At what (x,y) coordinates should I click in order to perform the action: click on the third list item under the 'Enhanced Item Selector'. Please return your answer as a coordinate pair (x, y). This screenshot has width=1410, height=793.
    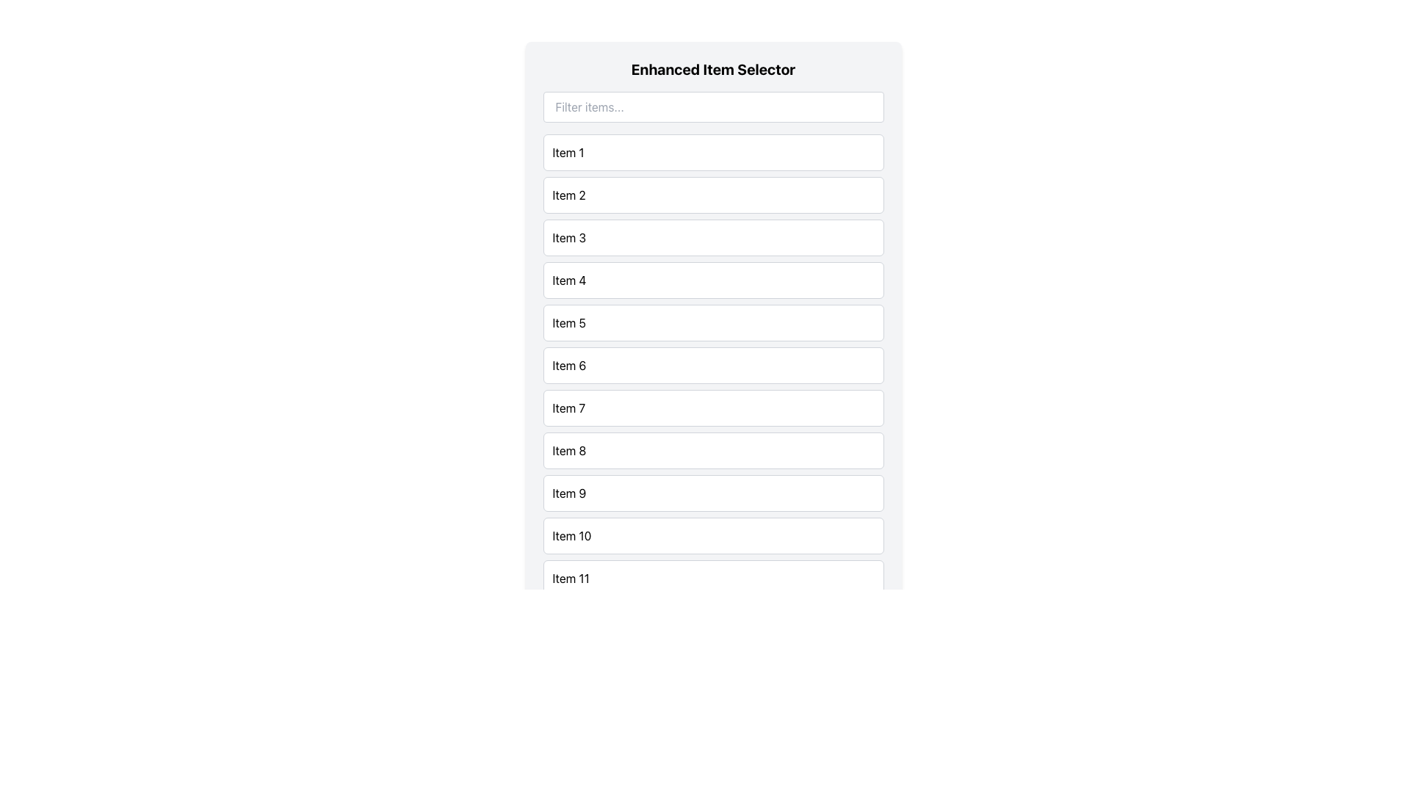
    Looking at the image, I should click on (713, 237).